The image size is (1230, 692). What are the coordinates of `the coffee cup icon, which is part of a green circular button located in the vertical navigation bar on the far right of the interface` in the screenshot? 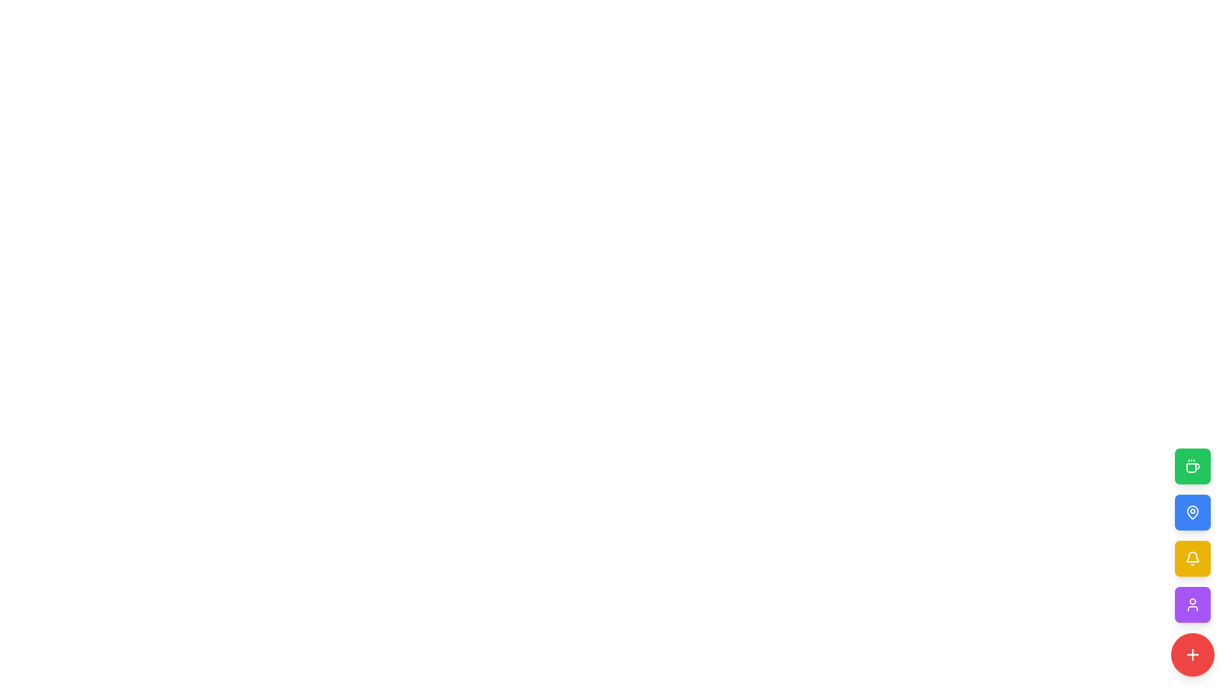 It's located at (1192, 468).